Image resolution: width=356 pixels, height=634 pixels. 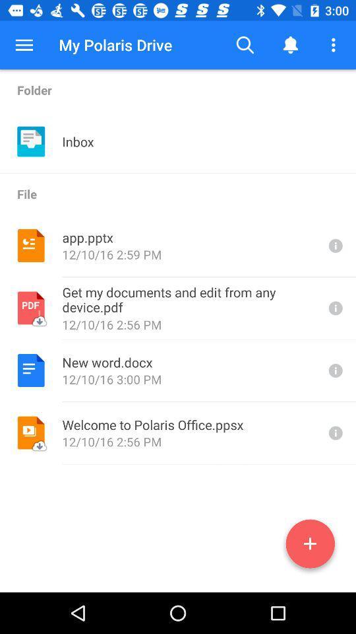 What do you see at coordinates (245, 45) in the screenshot?
I see `the button to the right of the my polaris drive item` at bounding box center [245, 45].